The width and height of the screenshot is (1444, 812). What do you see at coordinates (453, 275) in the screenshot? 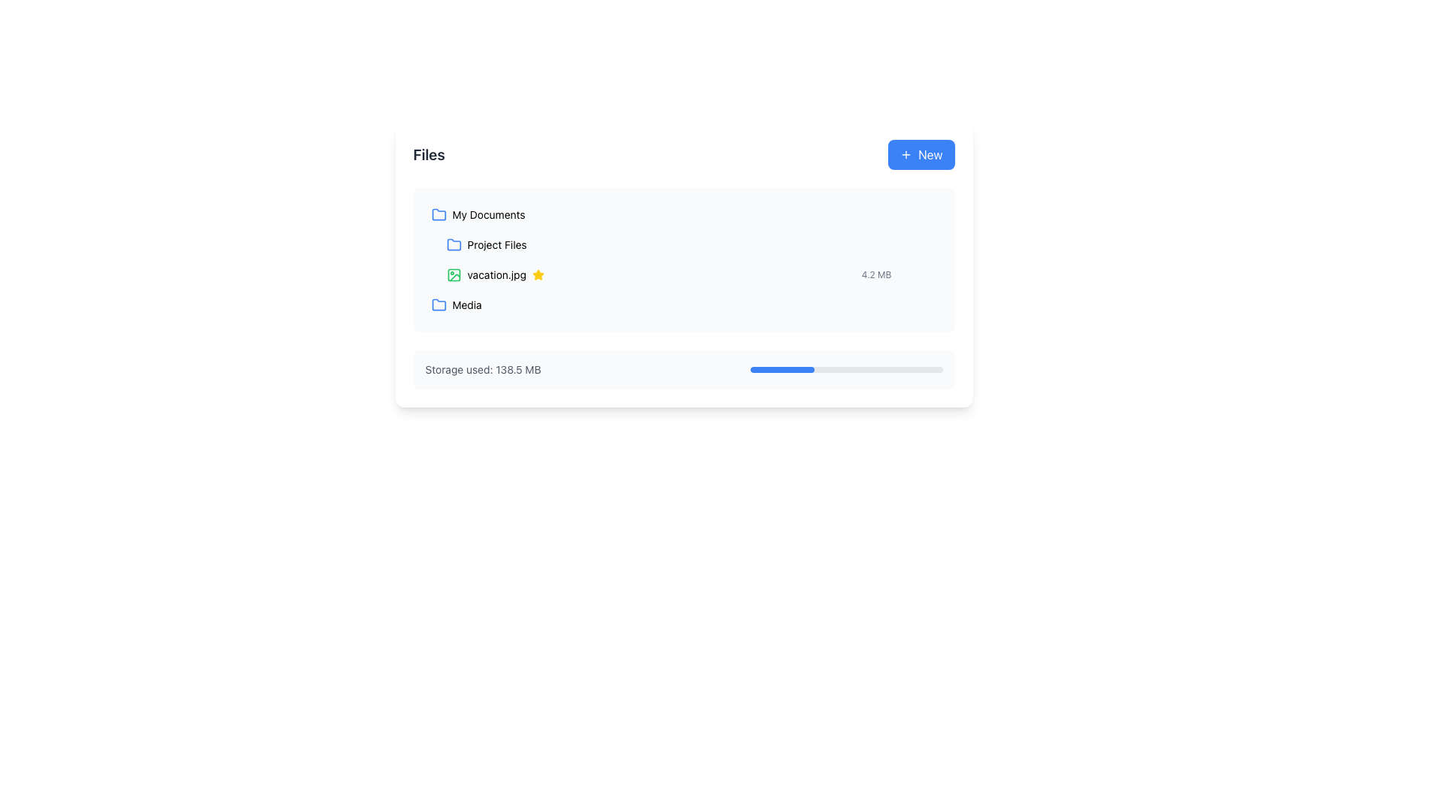
I see `the graphical icon representing the image file labeled 'vacation.jpg', which is the first element in its row before the text label` at bounding box center [453, 275].